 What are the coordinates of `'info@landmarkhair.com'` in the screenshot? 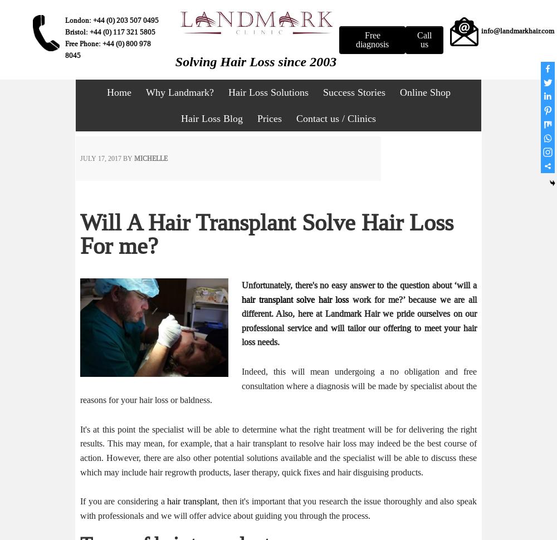 It's located at (517, 30).